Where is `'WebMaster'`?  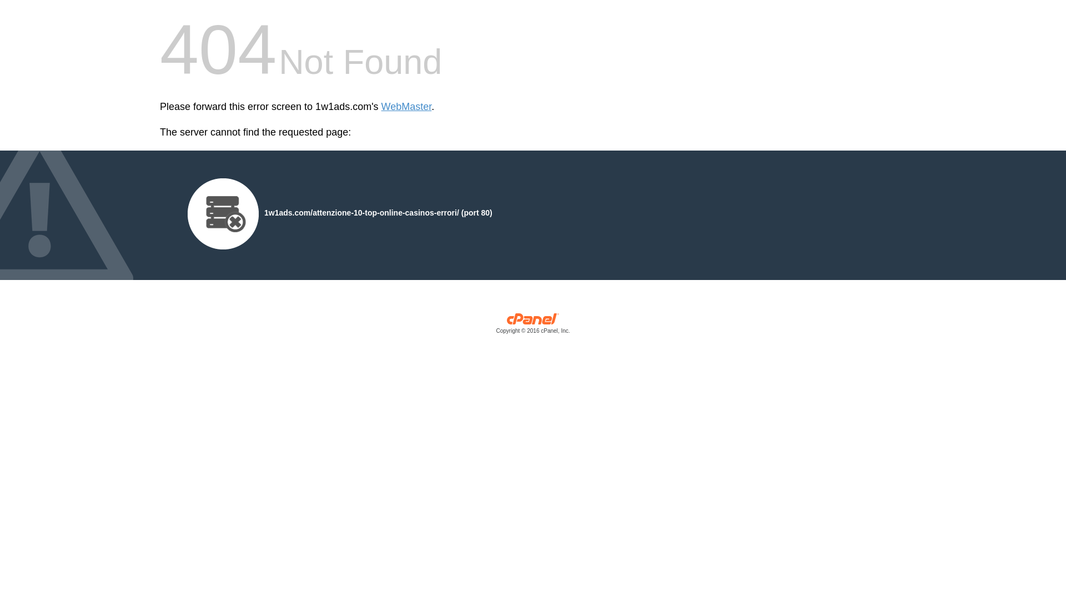 'WebMaster' is located at coordinates (381, 107).